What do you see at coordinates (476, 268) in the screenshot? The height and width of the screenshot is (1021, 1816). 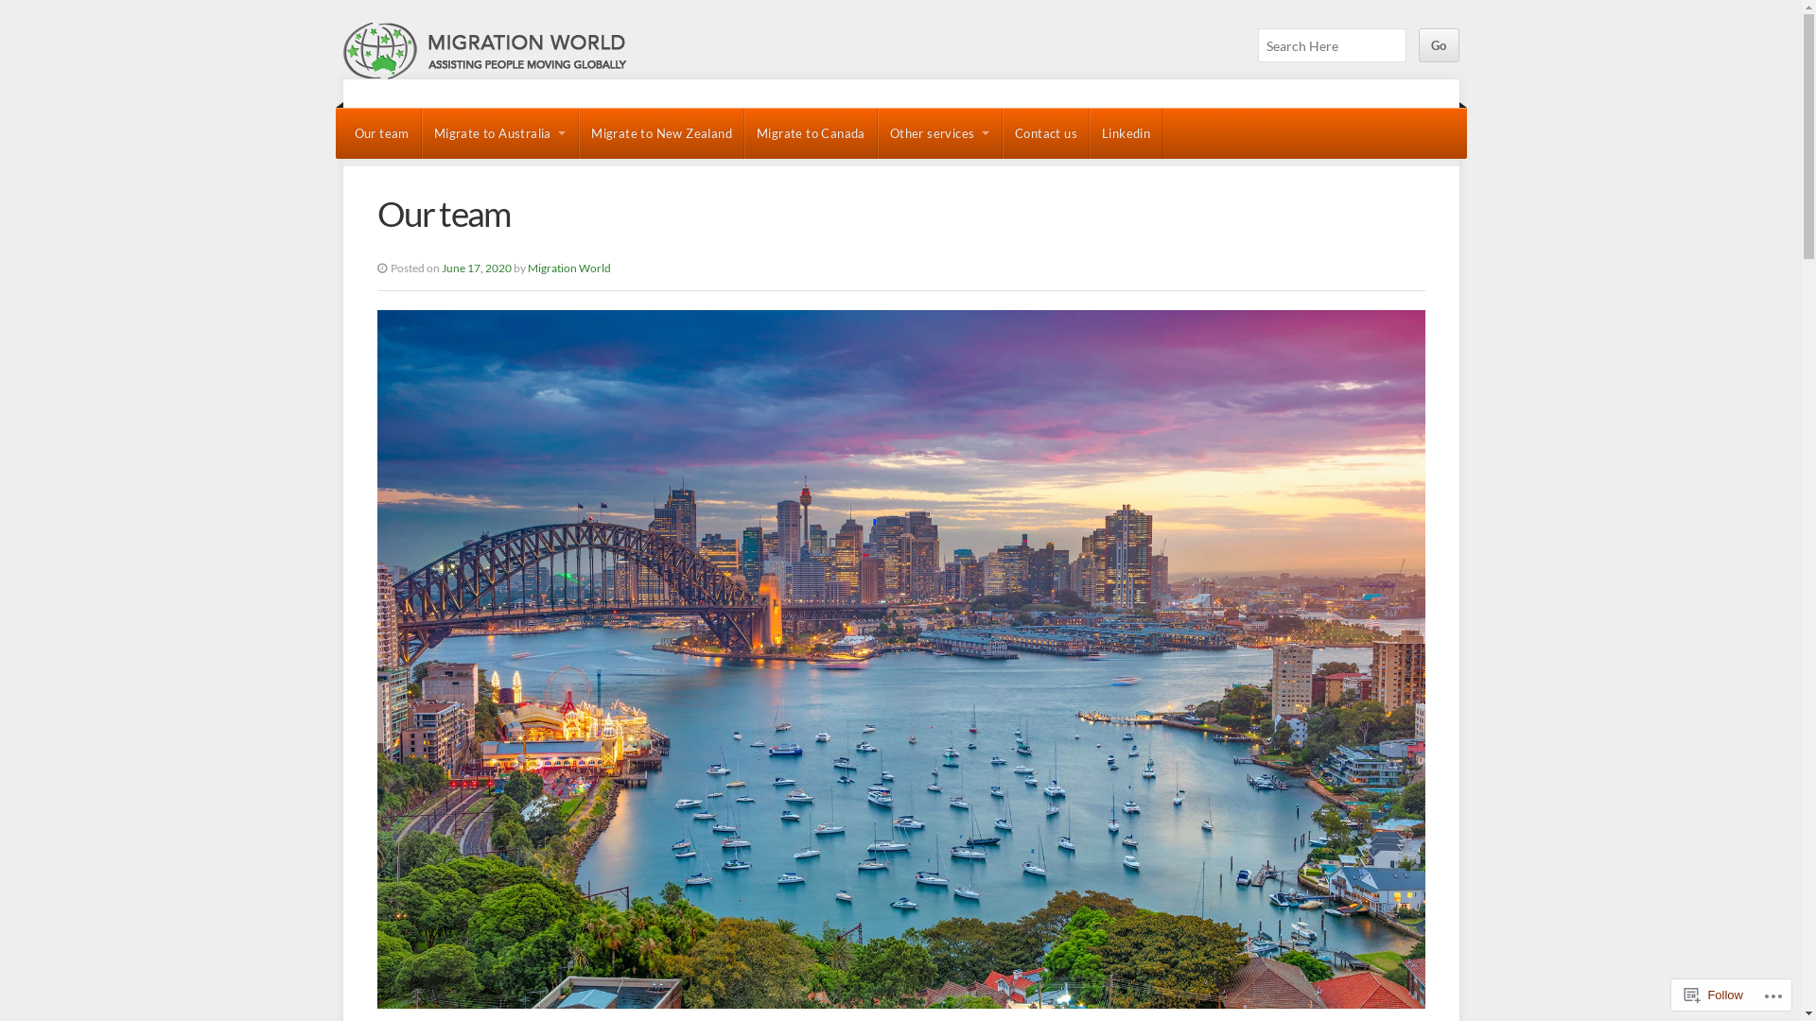 I see `'June 17, 2020'` at bounding box center [476, 268].